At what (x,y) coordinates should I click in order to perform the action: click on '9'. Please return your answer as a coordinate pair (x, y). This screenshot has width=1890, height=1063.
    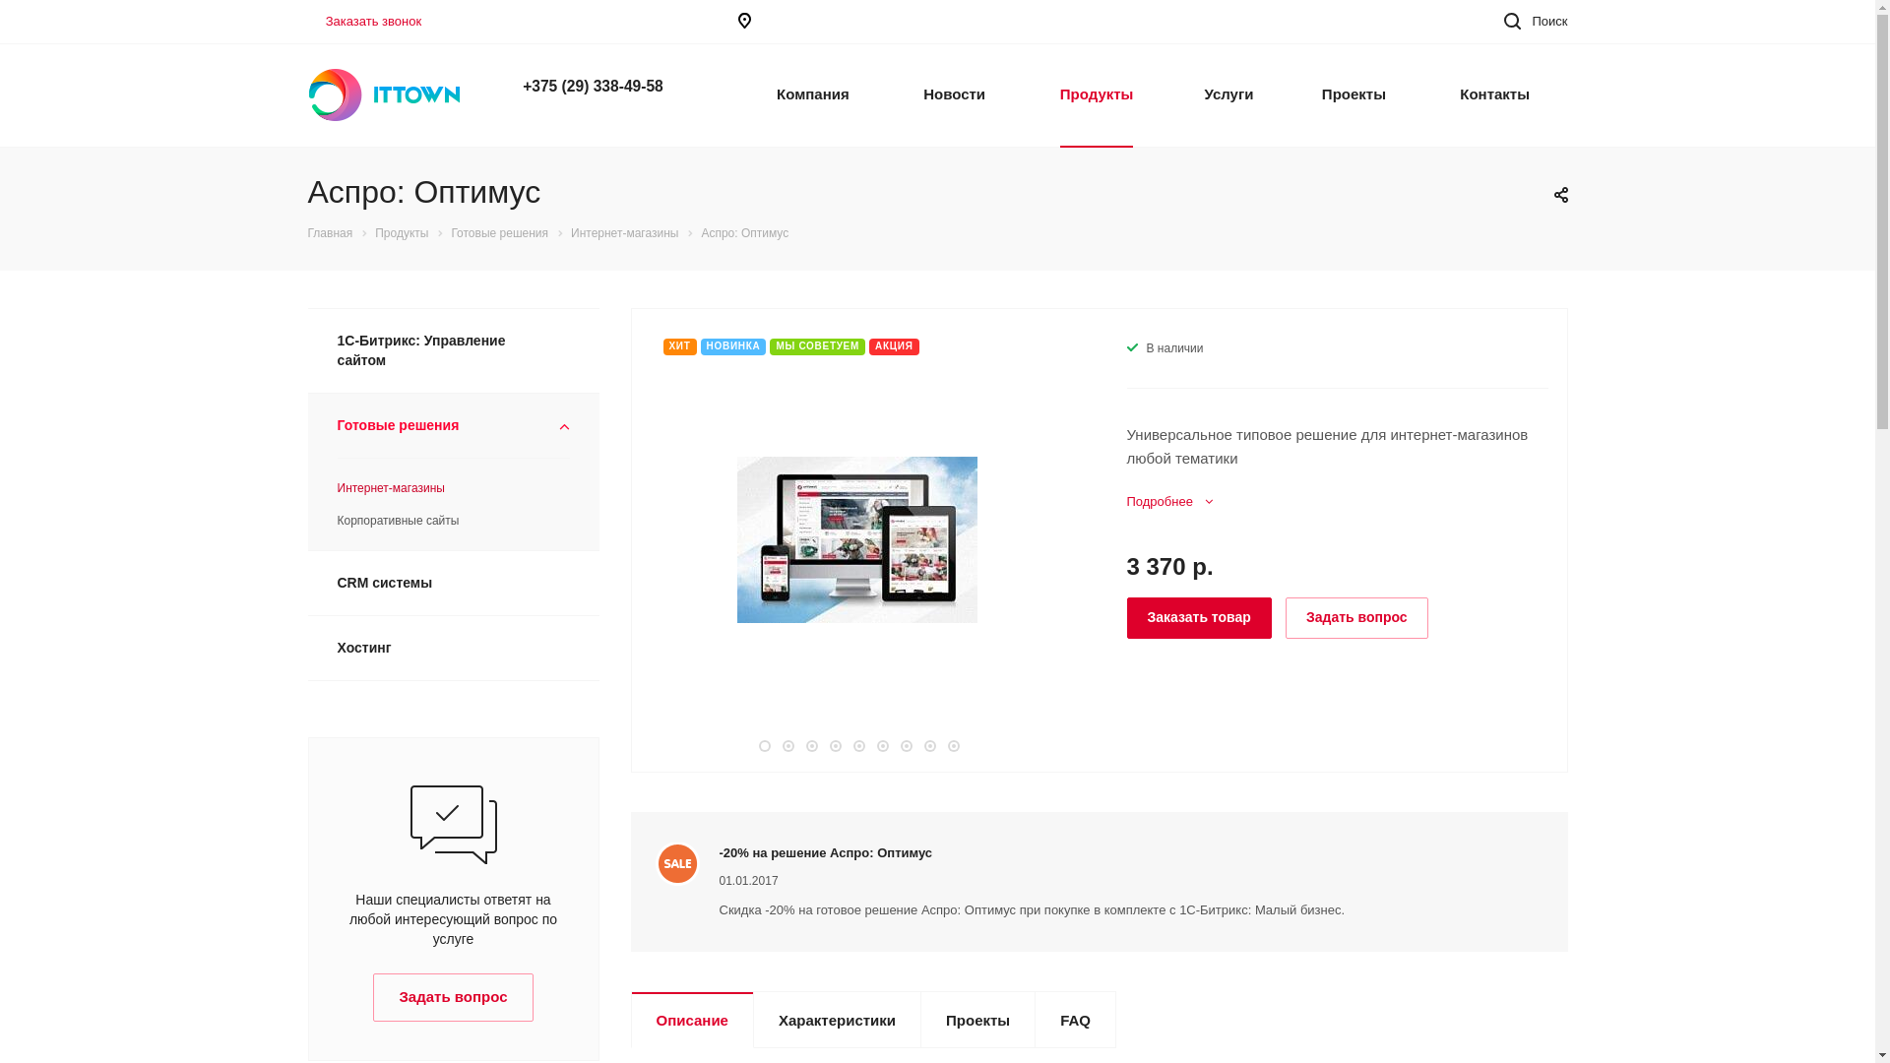
    Looking at the image, I should click on (953, 746).